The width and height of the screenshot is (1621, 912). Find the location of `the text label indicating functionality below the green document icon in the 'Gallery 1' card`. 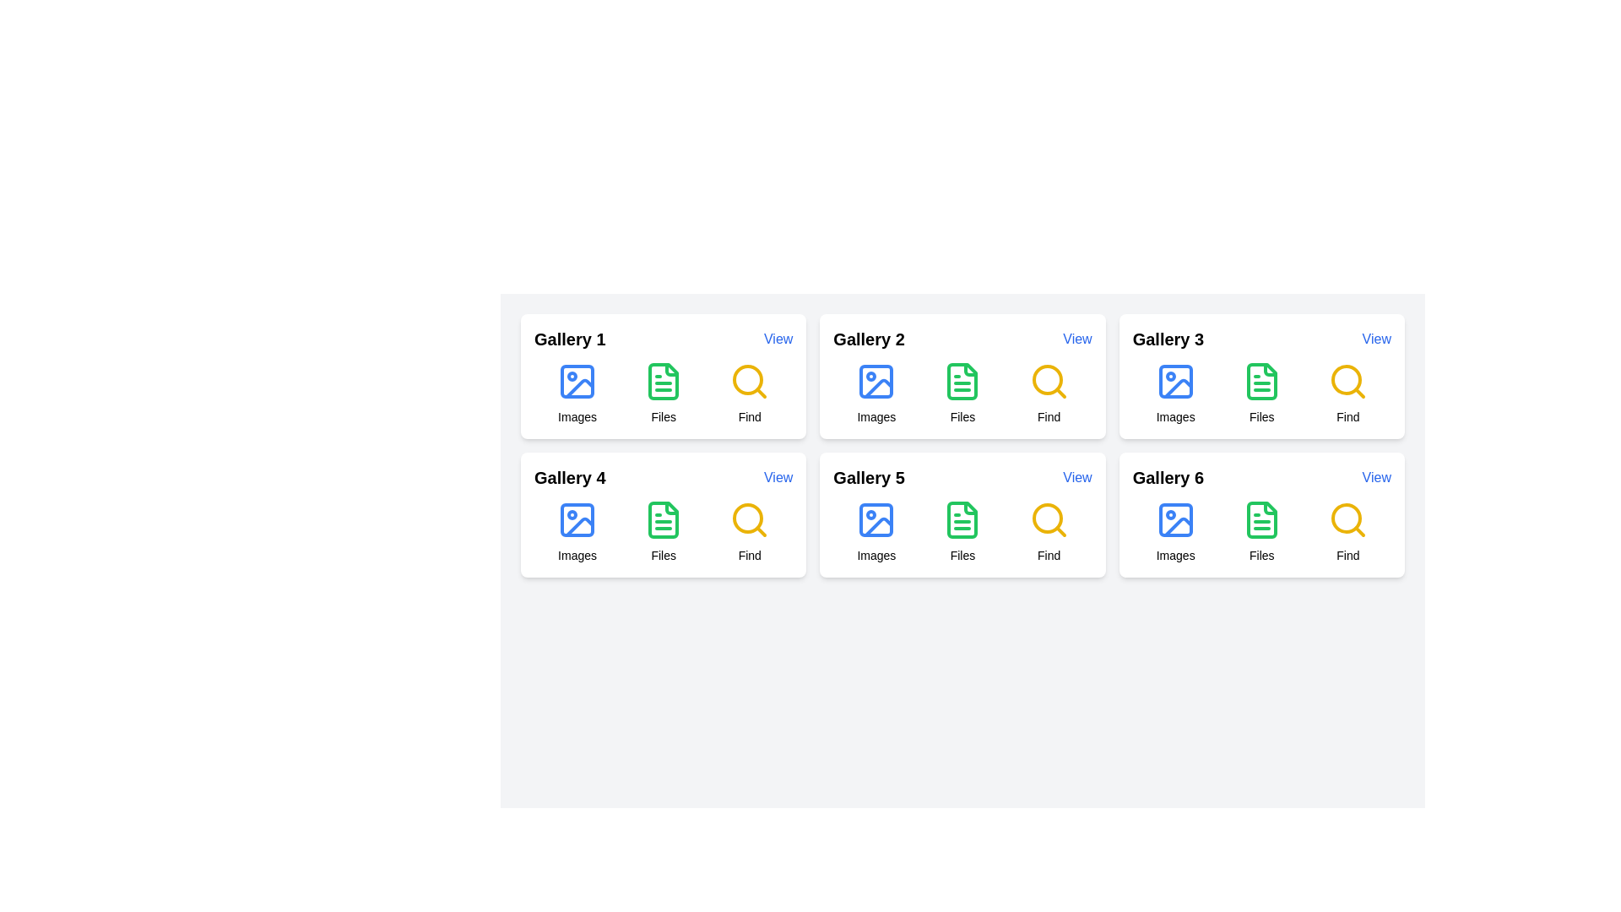

the text label indicating functionality below the green document icon in the 'Gallery 1' card is located at coordinates (663, 416).